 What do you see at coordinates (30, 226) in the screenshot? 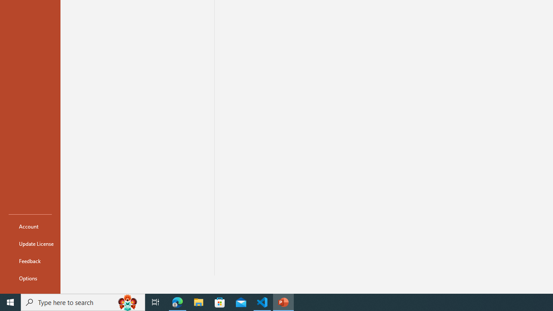
I see `'Account'` at bounding box center [30, 226].